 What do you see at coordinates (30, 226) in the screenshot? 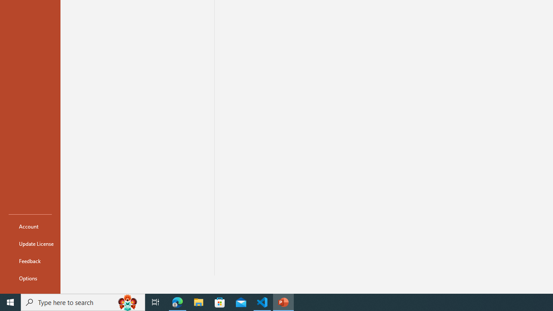
I see `'Account'` at bounding box center [30, 226].